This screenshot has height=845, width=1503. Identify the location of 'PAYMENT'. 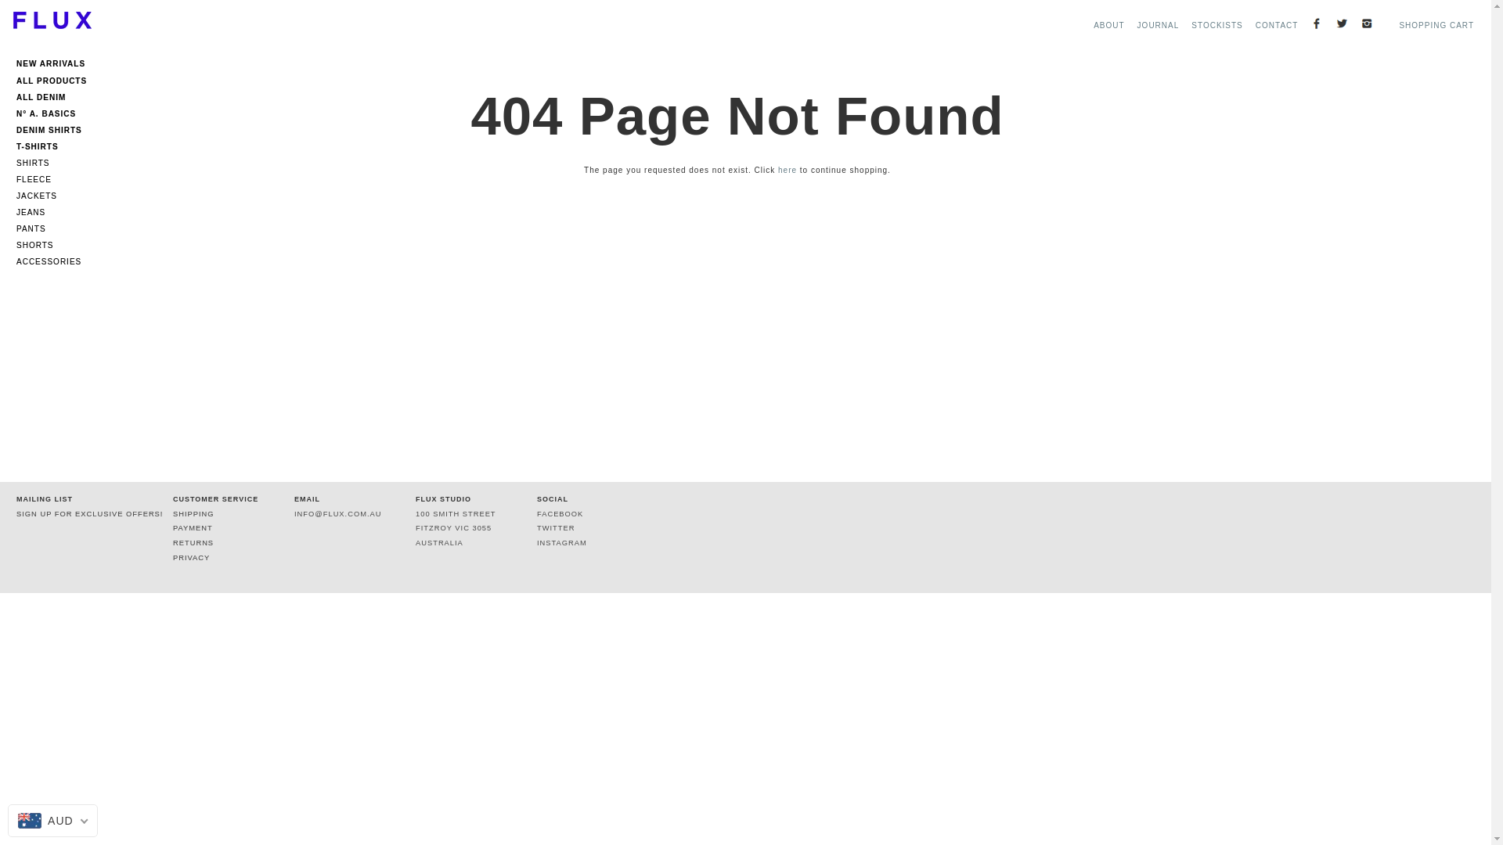
(192, 528).